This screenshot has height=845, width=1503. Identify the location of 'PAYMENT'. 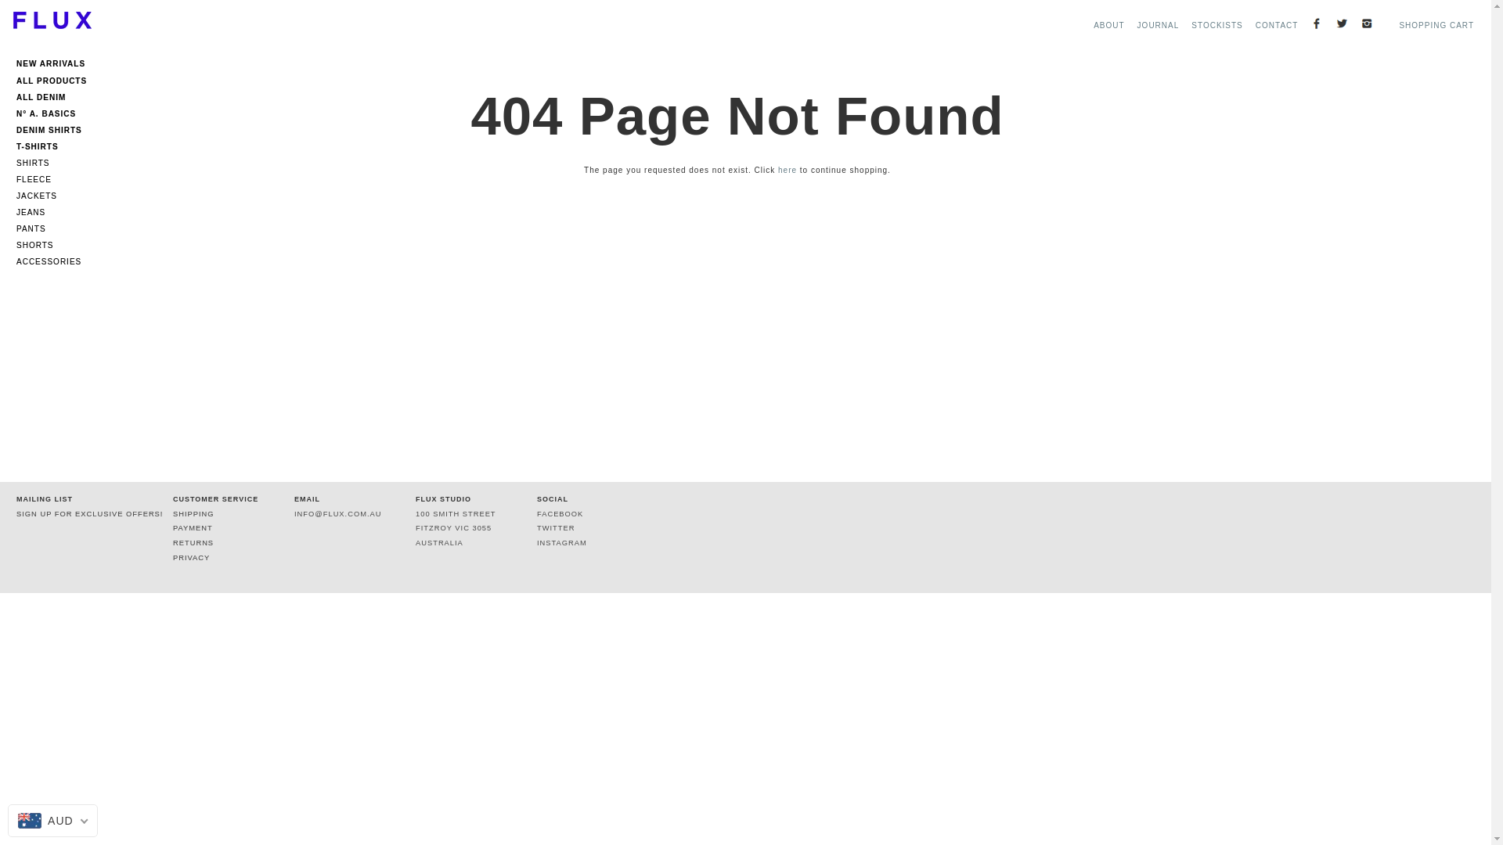
(192, 528).